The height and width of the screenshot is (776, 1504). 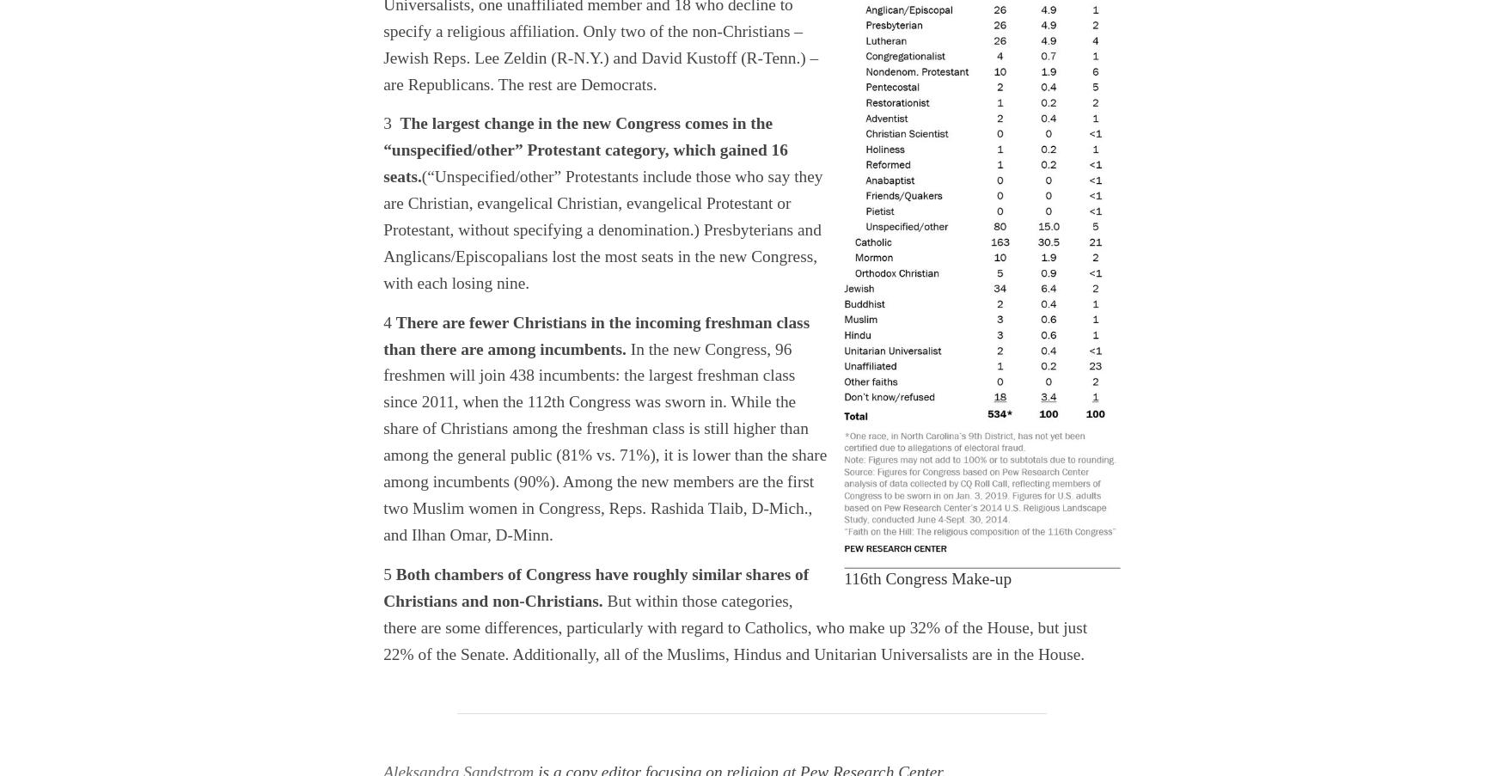 What do you see at coordinates (584, 149) in the screenshot?
I see `'The largest change in the new Congress comes in the “unspecified/other” Protestant category, which gained 16 seats.'` at bounding box center [584, 149].